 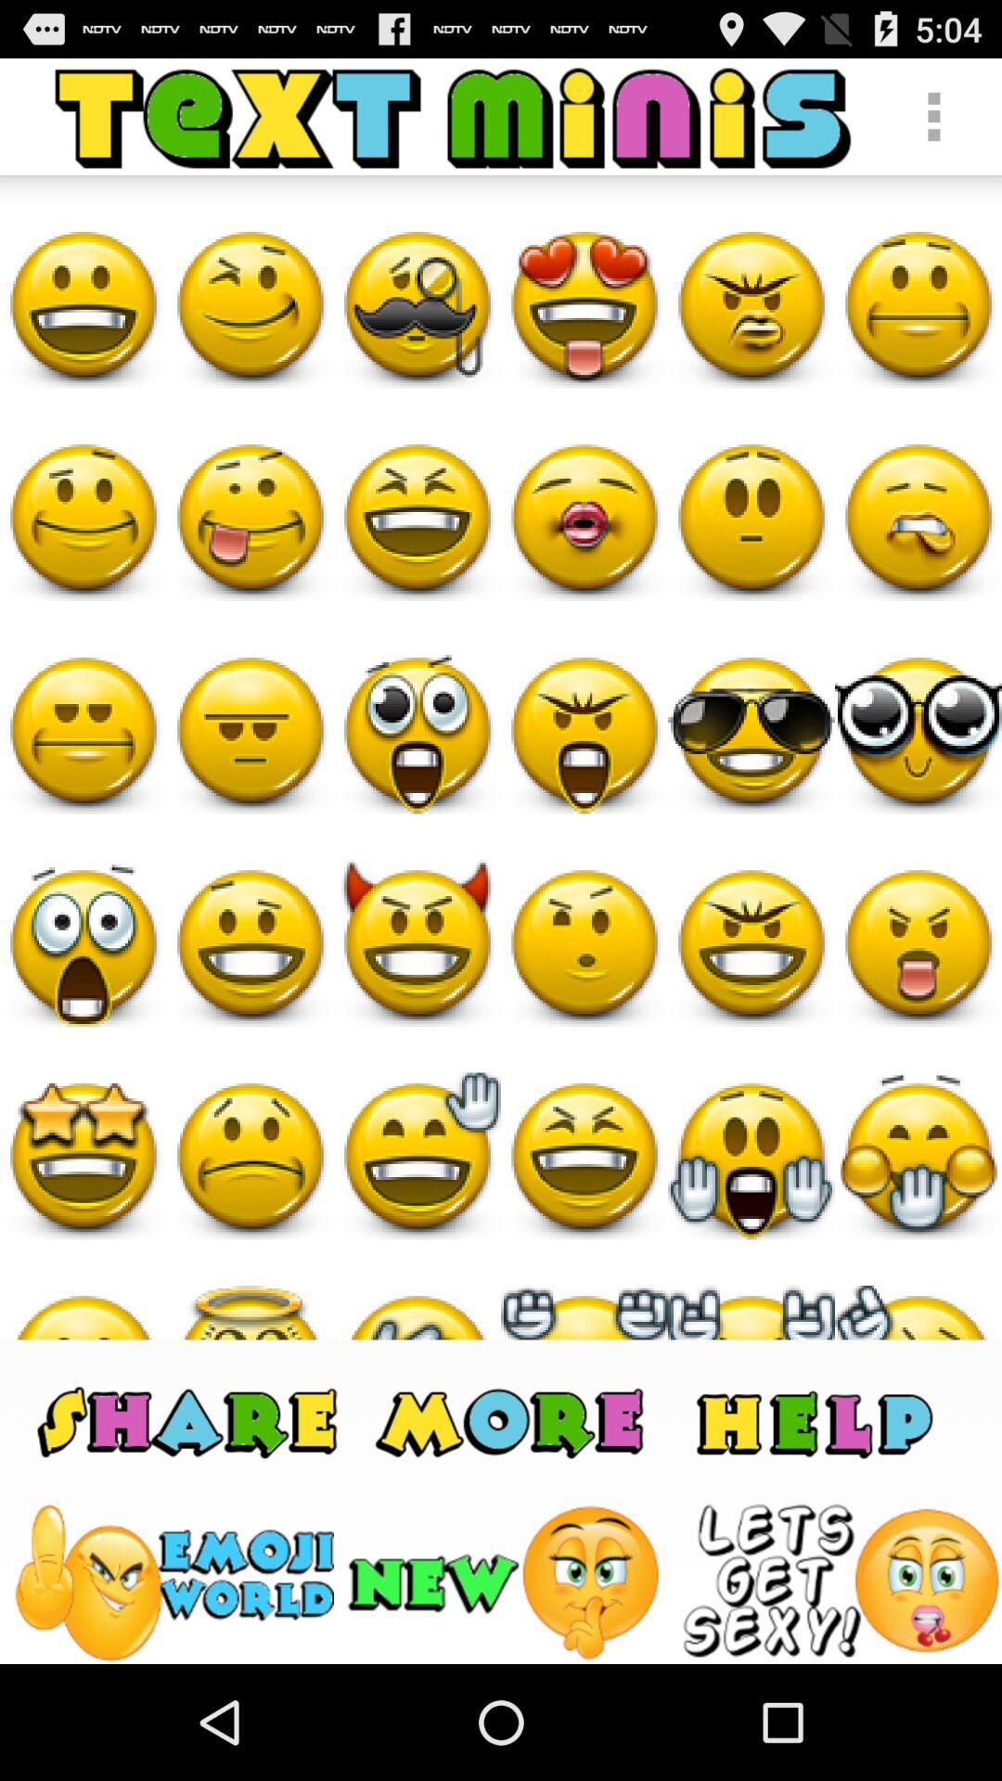 What do you see at coordinates (187, 1419) in the screenshot?
I see `share` at bounding box center [187, 1419].